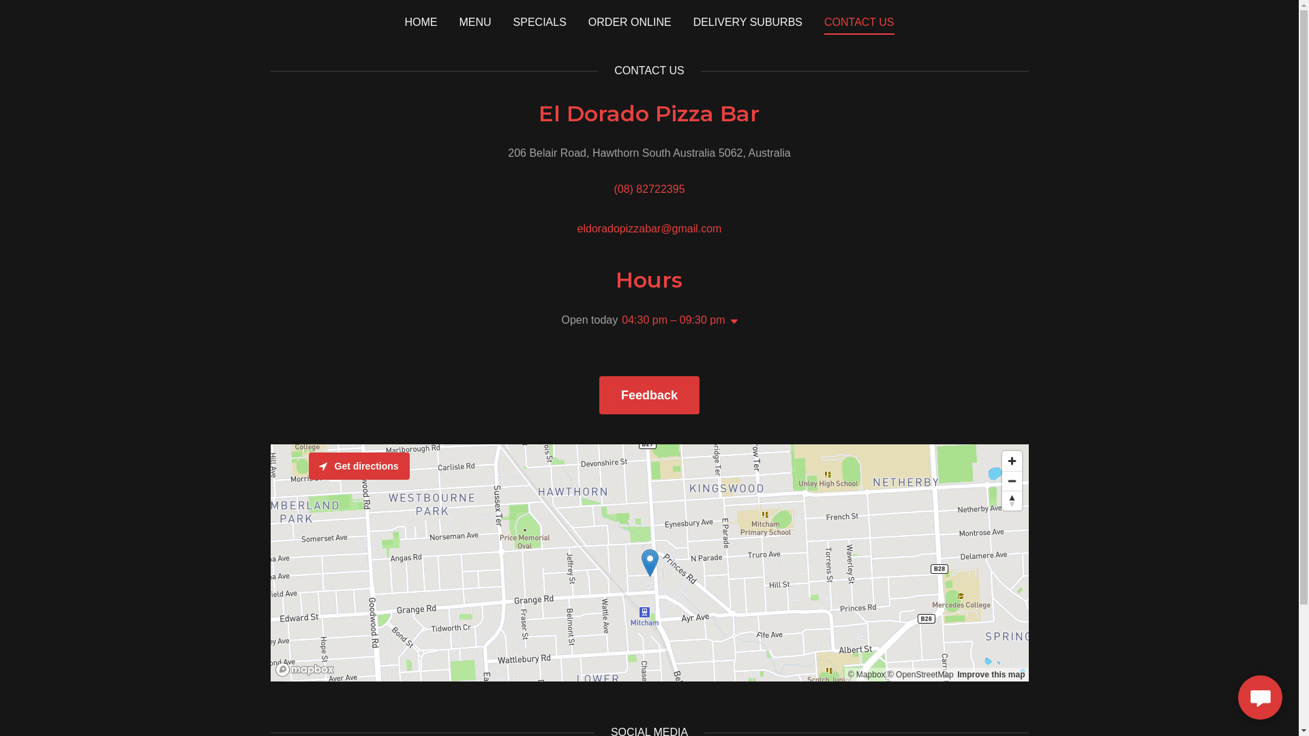  What do you see at coordinates (629, 21) in the screenshot?
I see `'ORDER ONLINE'` at bounding box center [629, 21].